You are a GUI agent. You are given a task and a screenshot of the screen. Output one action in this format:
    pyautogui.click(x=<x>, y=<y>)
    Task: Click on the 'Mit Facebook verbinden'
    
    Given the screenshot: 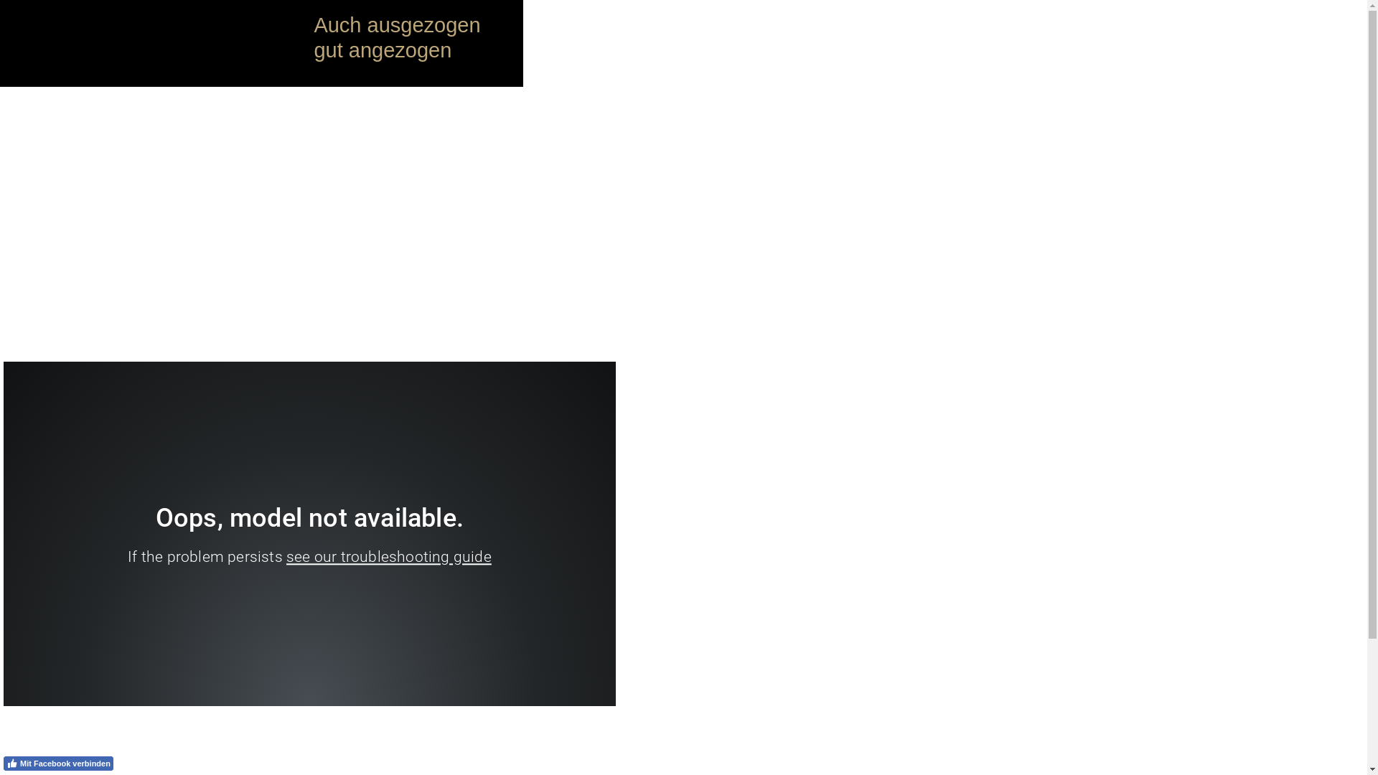 What is the action you would take?
    pyautogui.click(x=57, y=763)
    